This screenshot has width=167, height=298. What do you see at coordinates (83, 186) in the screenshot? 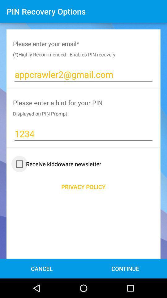
I see `icon below receive kiddoware newsletter` at bounding box center [83, 186].